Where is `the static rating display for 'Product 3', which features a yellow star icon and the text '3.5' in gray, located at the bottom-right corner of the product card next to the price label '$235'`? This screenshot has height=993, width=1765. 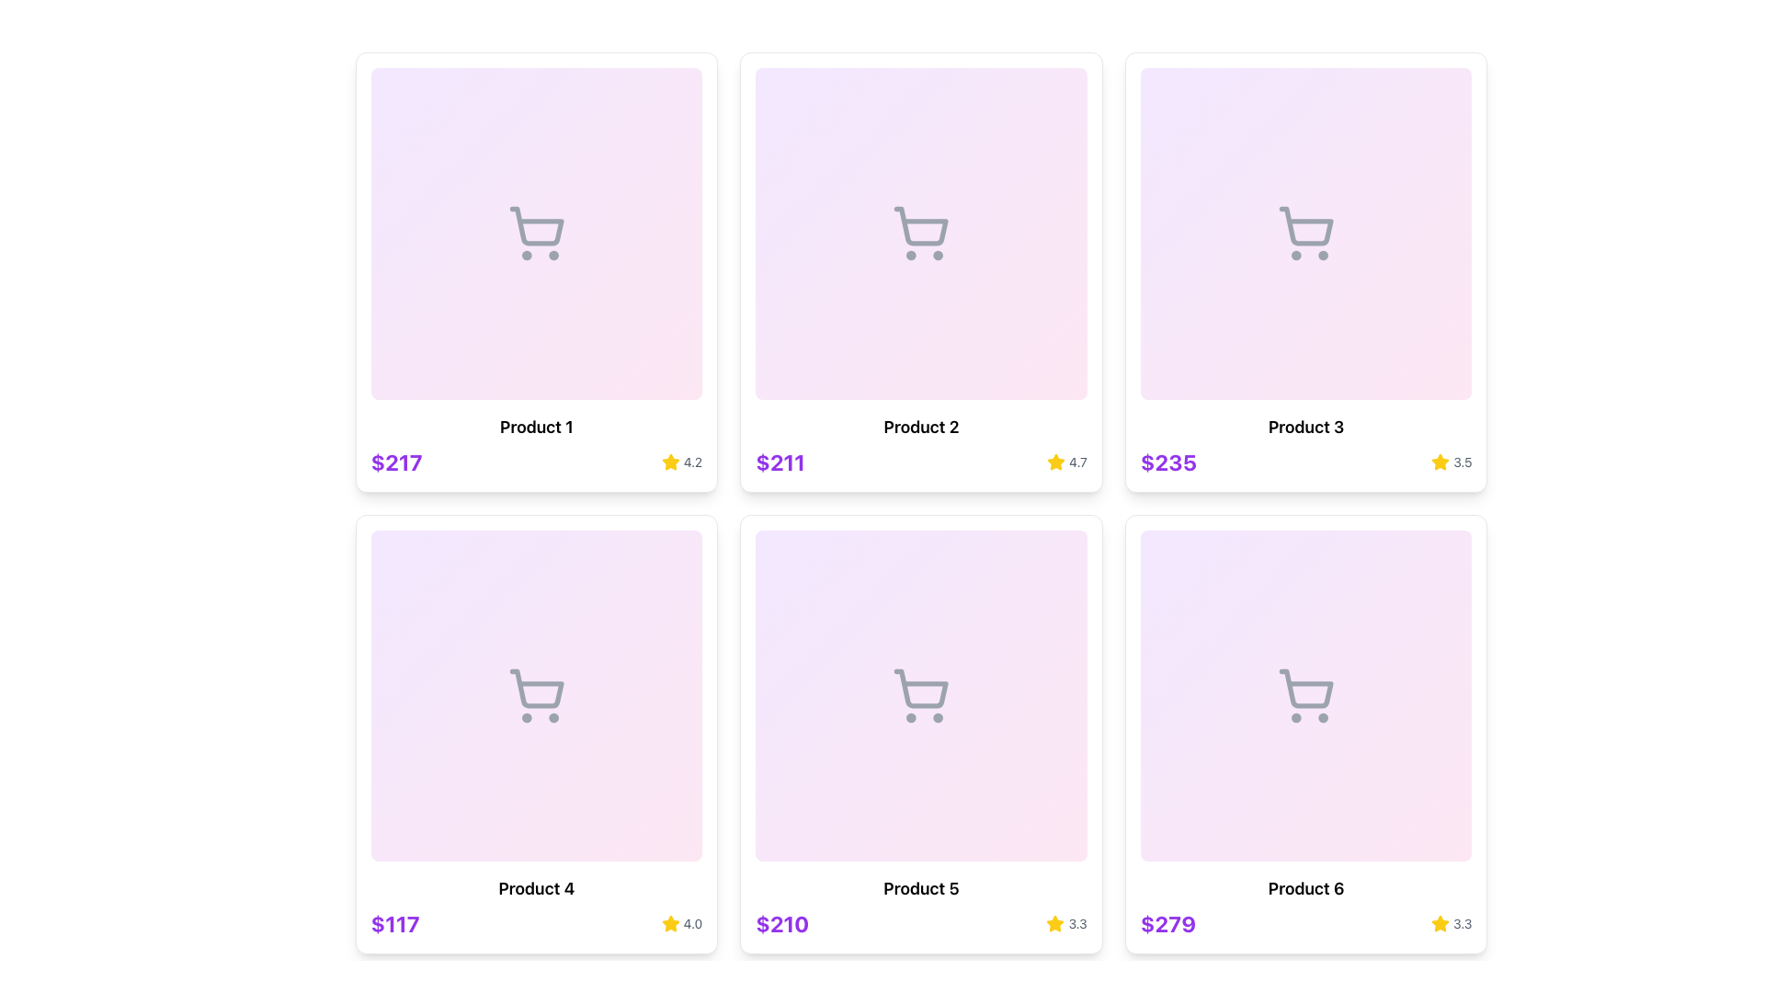 the static rating display for 'Product 3', which features a yellow star icon and the text '3.5' in gray, located at the bottom-right corner of the product card next to the price label '$235' is located at coordinates (1451, 461).